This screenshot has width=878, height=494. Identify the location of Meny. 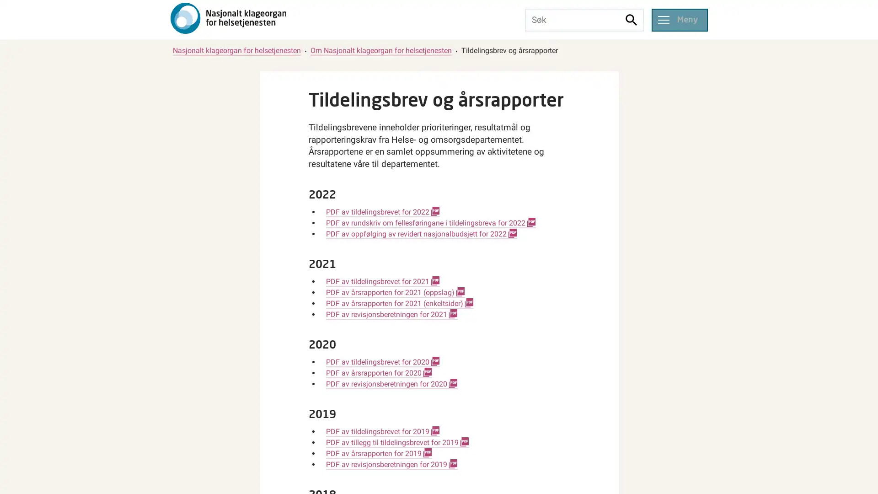
(679, 19).